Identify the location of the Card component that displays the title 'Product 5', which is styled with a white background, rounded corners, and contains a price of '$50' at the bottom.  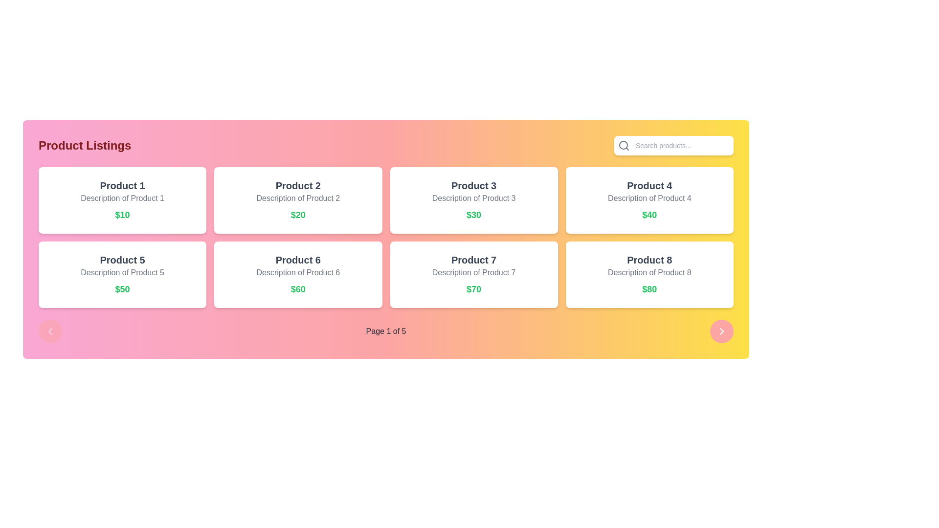
(122, 275).